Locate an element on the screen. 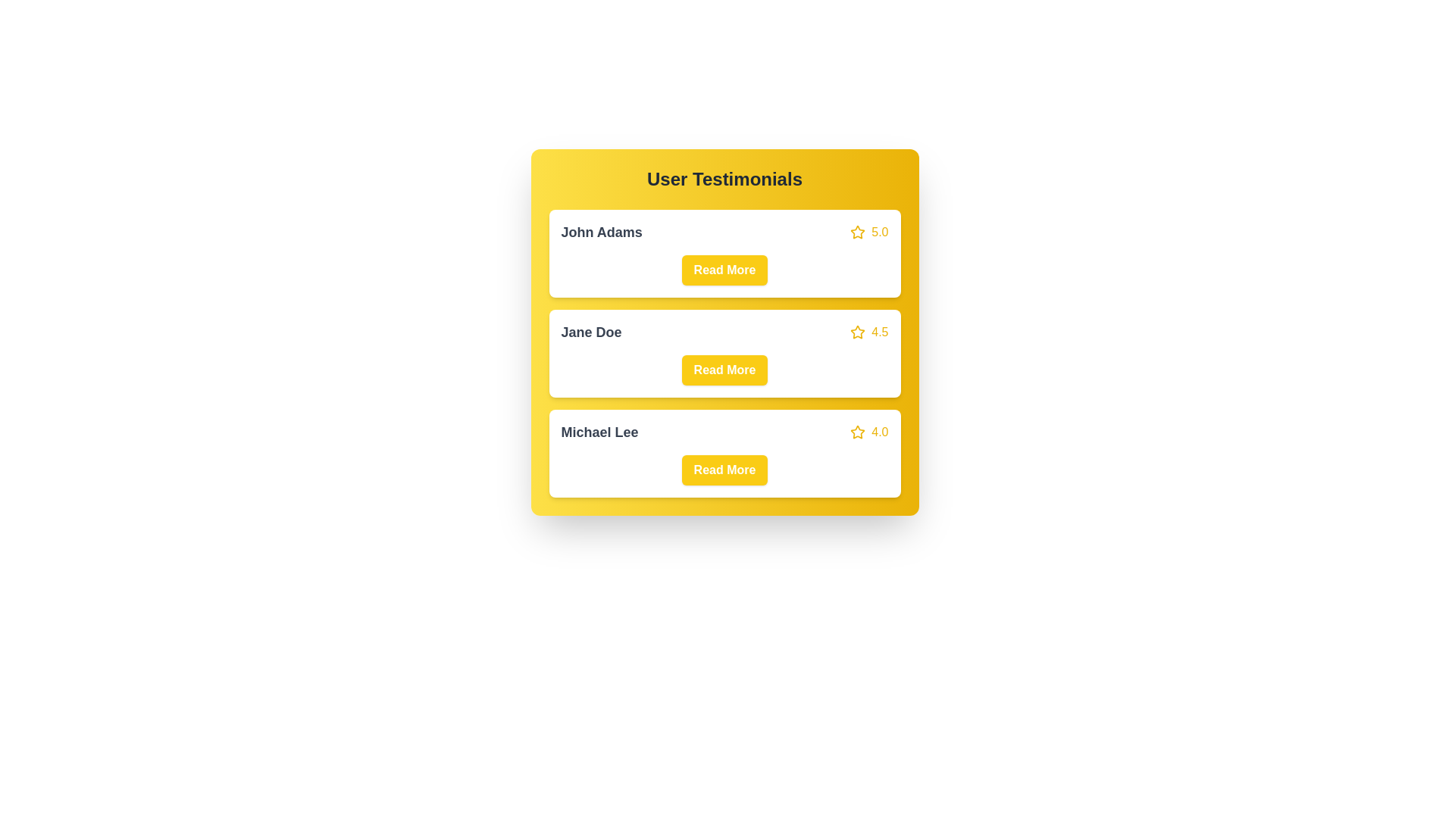 Image resolution: width=1455 pixels, height=818 pixels. the star icon of the testimonial corresponding to Michael Lee is located at coordinates (858, 432).